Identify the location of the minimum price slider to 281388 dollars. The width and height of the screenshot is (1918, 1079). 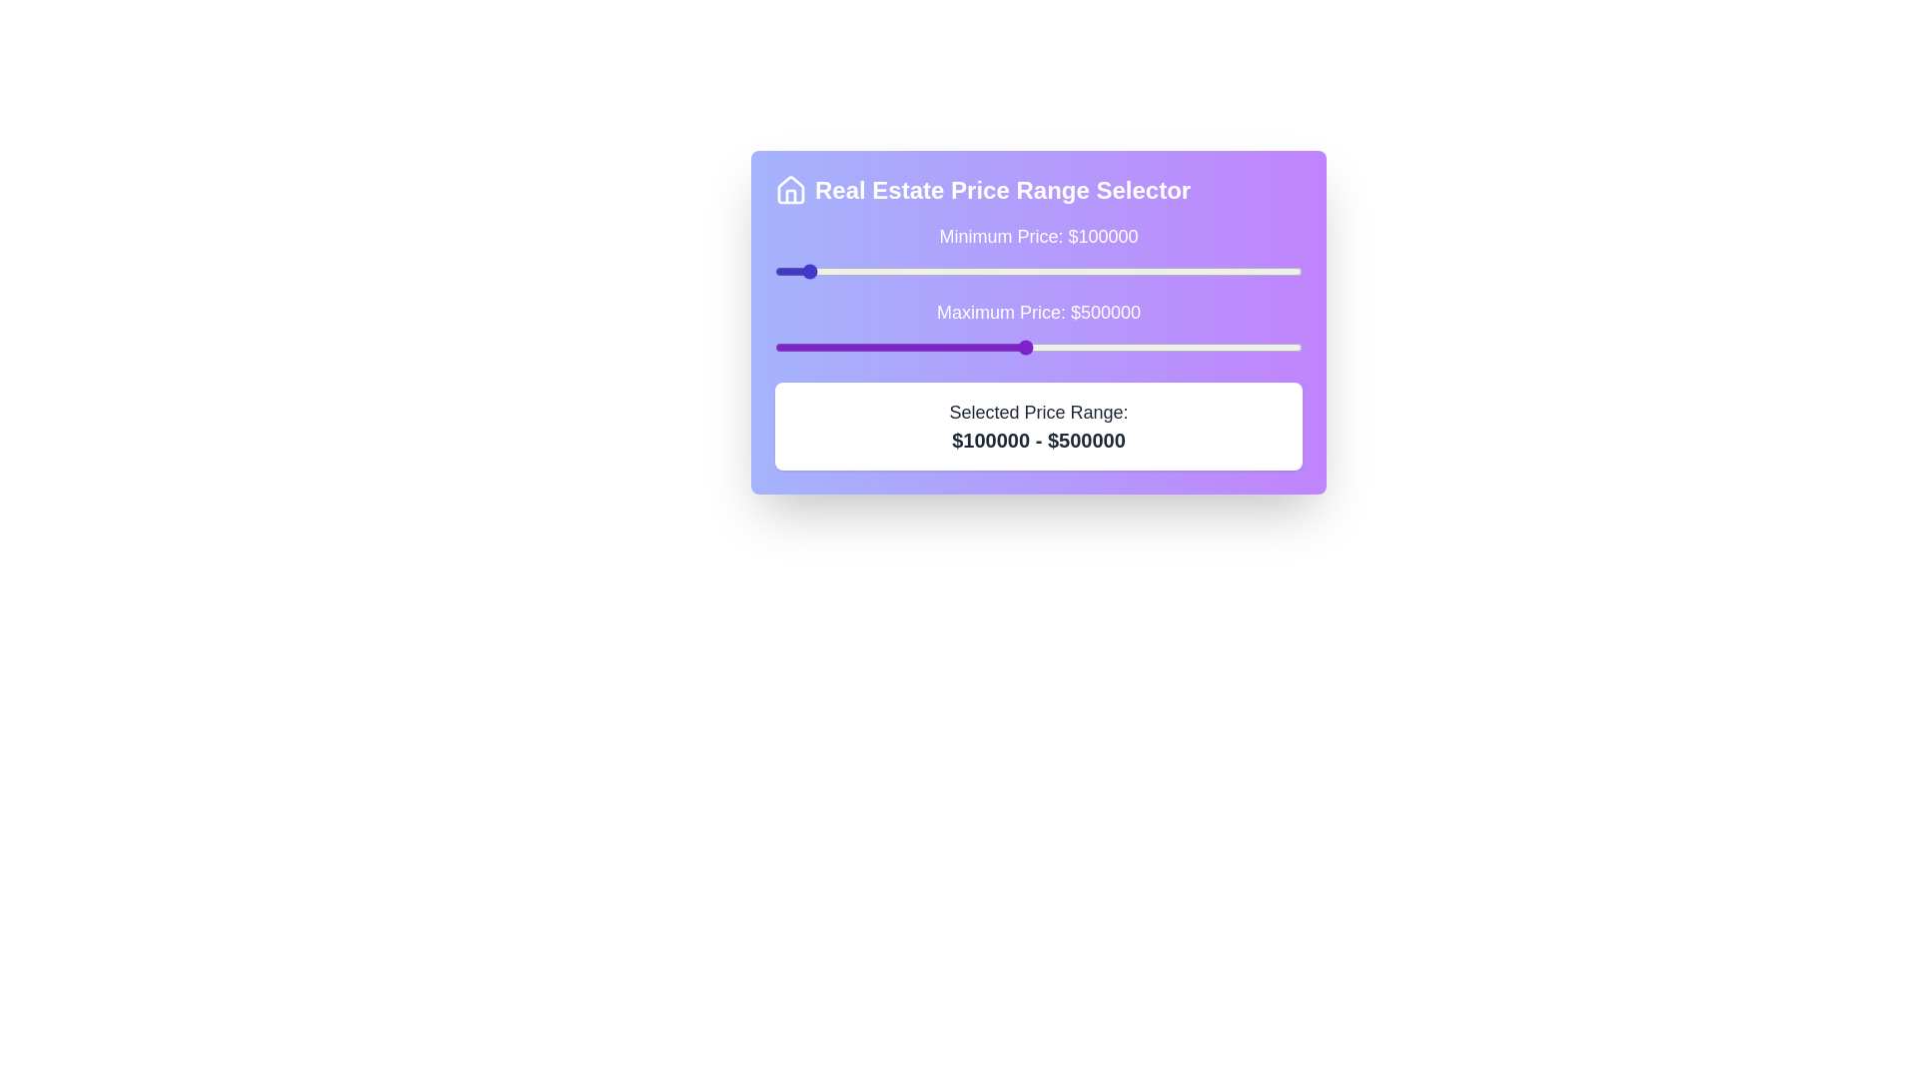
(902, 272).